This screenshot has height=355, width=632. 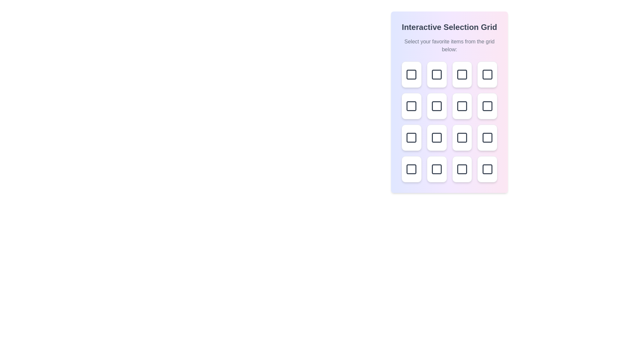 What do you see at coordinates (461, 106) in the screenshot?
I see `the button located in the third column, third row of the grid in the 'Interactive Selection Grid'` at bounding box center [461, 106].